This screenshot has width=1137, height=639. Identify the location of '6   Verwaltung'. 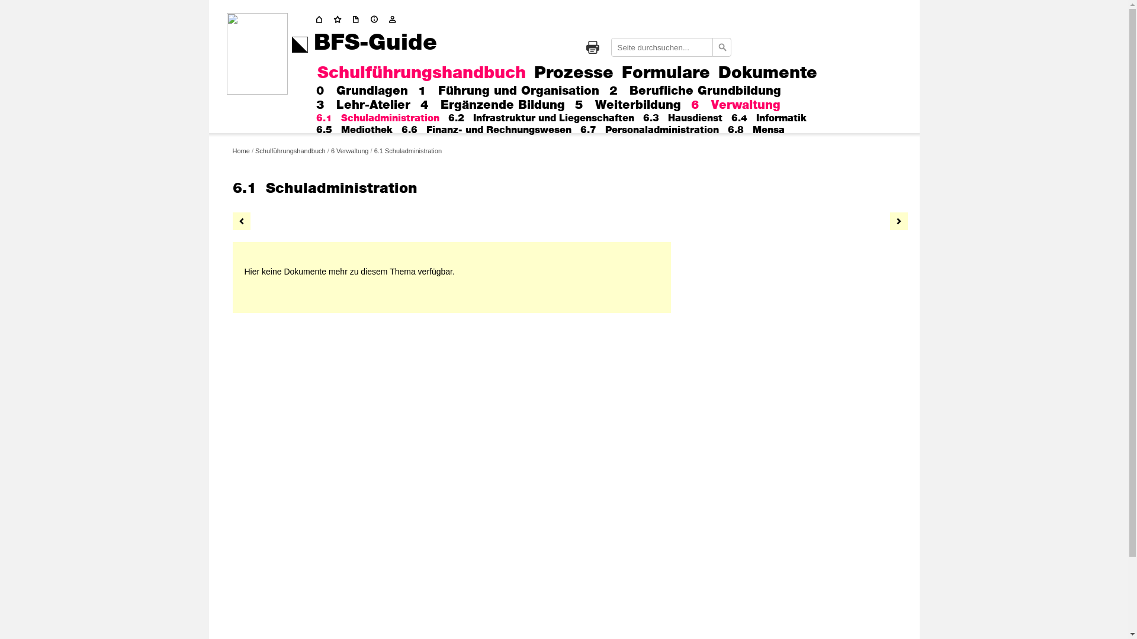
(734, 104).